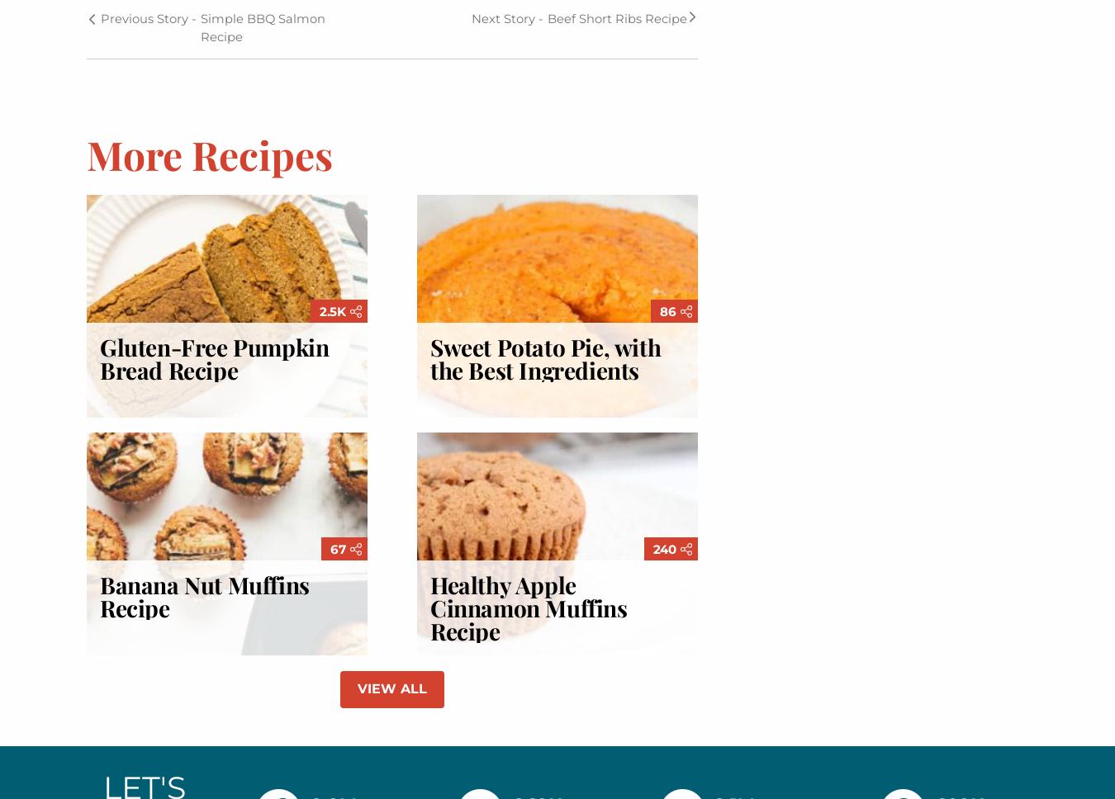  I want to click on '67', so click(339, 549).